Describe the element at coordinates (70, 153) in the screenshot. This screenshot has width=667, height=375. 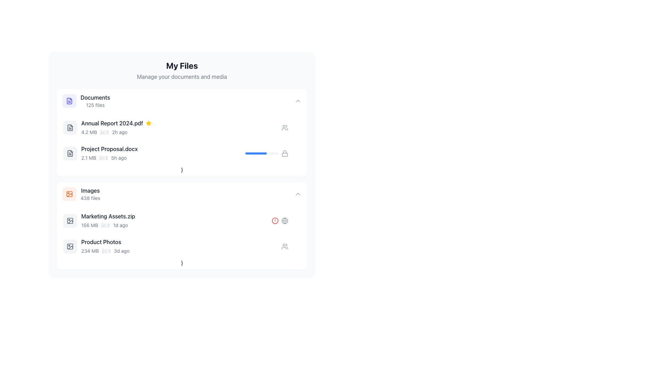
I see `the document type icon located to the left of the 'Project Proposal.docx' text in the file list` at that location.